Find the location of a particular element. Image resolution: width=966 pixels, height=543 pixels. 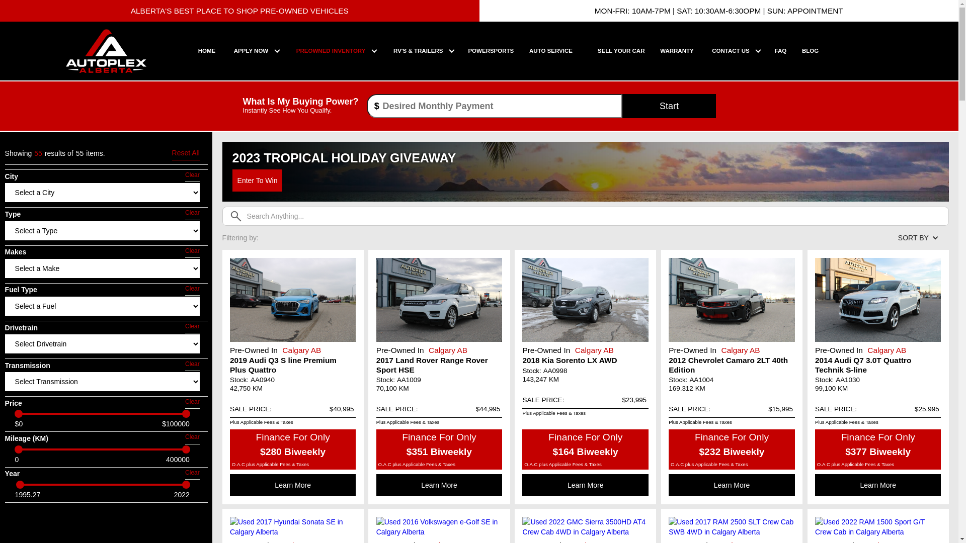

'BLOG' is located at coordinates (810, 51).